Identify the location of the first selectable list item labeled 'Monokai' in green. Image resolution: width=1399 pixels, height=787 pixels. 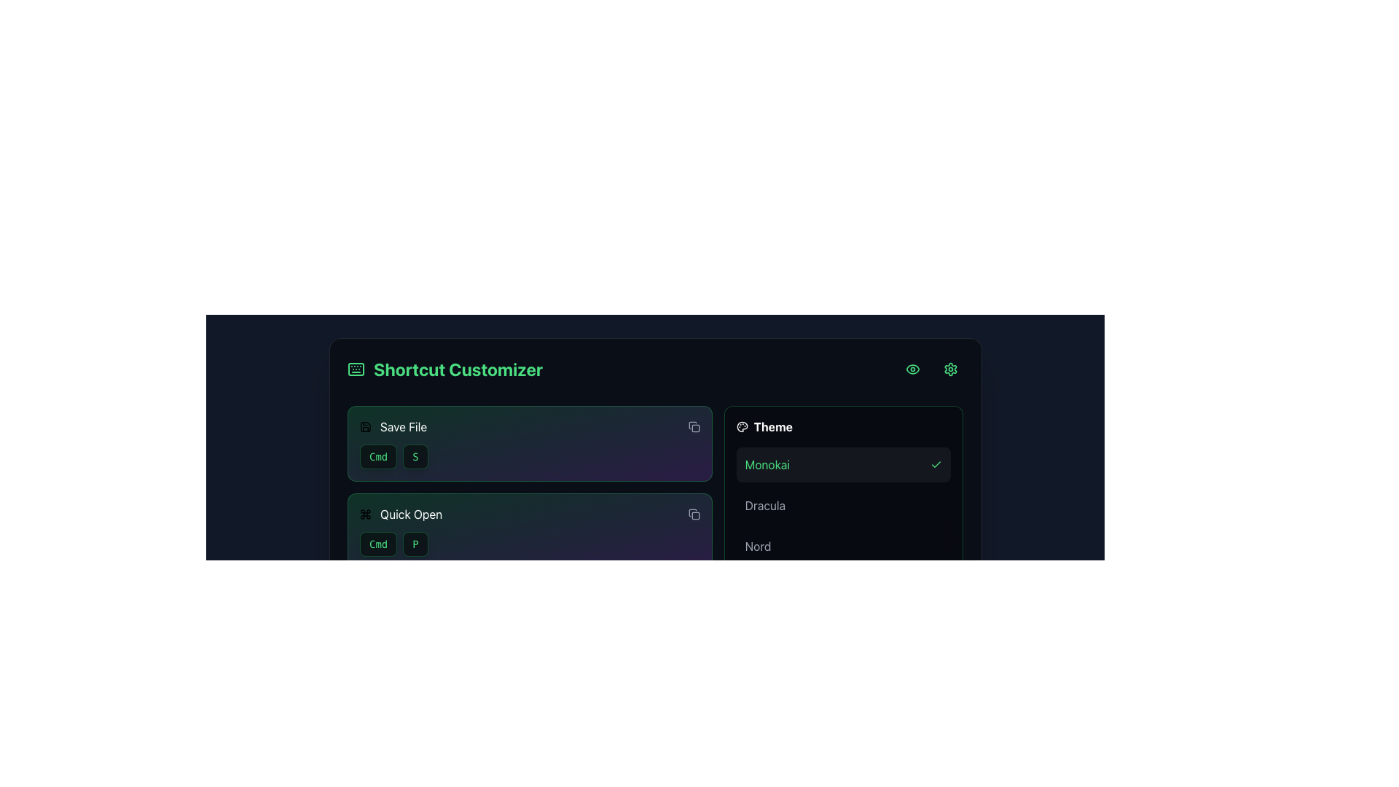
(844, 464).